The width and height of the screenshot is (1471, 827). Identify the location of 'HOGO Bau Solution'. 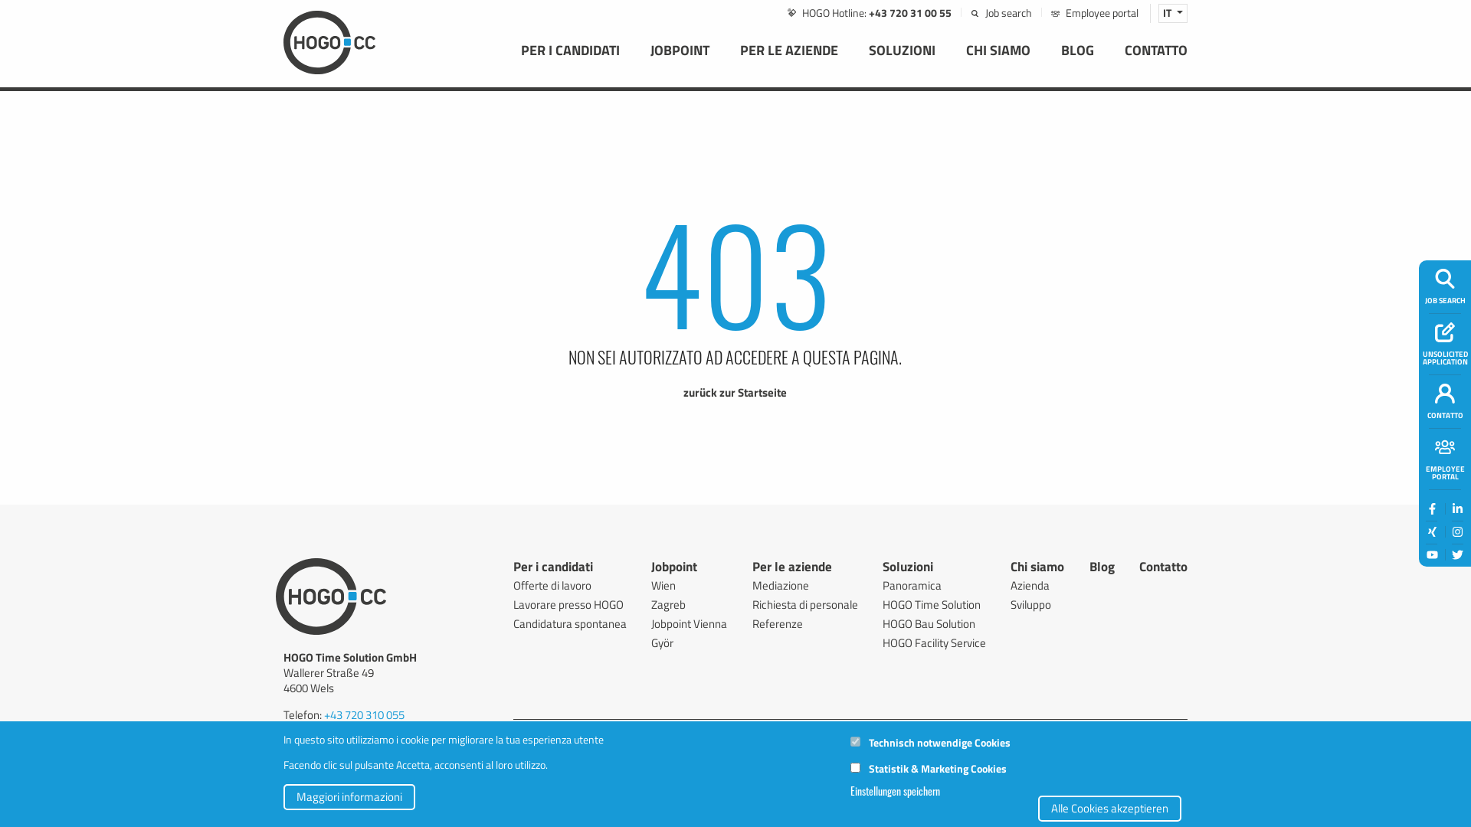
(933, 623).